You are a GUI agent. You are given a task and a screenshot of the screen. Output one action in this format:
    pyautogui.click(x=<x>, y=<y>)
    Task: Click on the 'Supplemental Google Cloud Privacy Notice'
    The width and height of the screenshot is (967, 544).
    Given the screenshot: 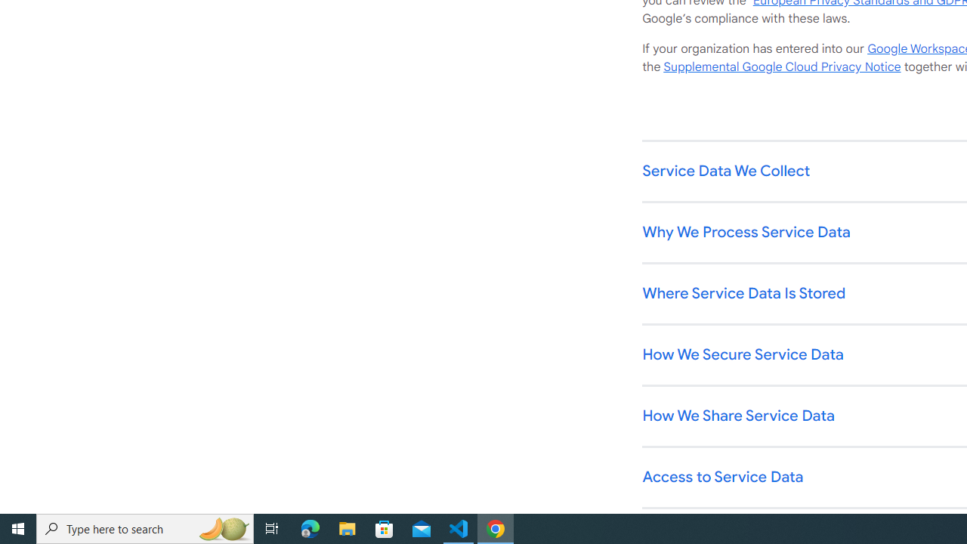 What is the action you would take?
    pyautogui.click(x=782, y=66)
    